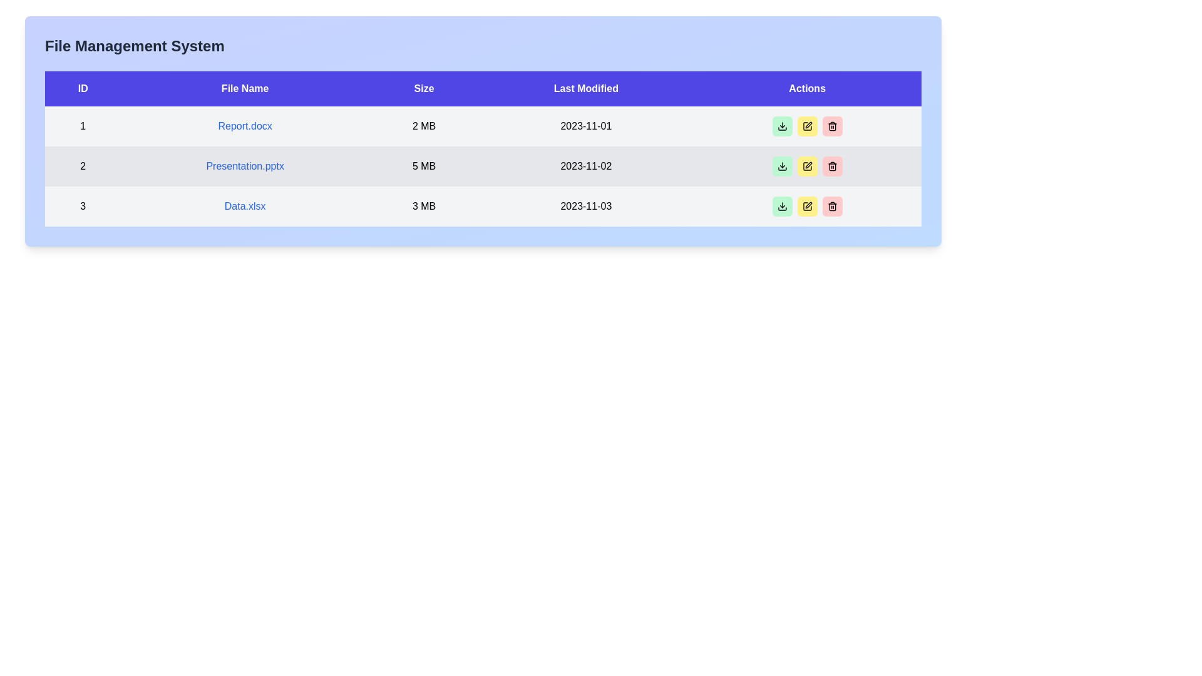  I want to click on the edit button located in the 'Actions' column for the file 'Data.xlsx', which is the second button, positioned between the green download button and the red delete button, so click(807, 206).